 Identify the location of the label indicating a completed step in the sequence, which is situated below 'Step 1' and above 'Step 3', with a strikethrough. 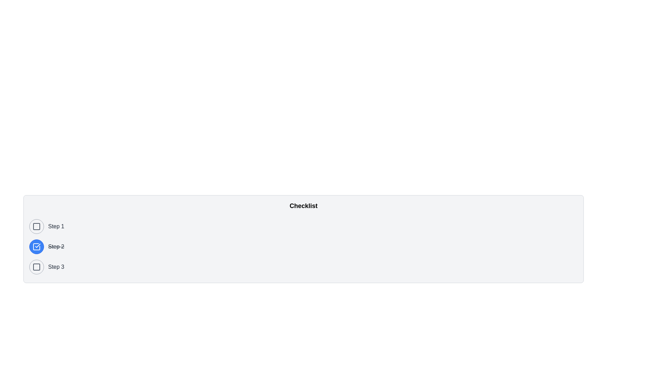
(56, 246).